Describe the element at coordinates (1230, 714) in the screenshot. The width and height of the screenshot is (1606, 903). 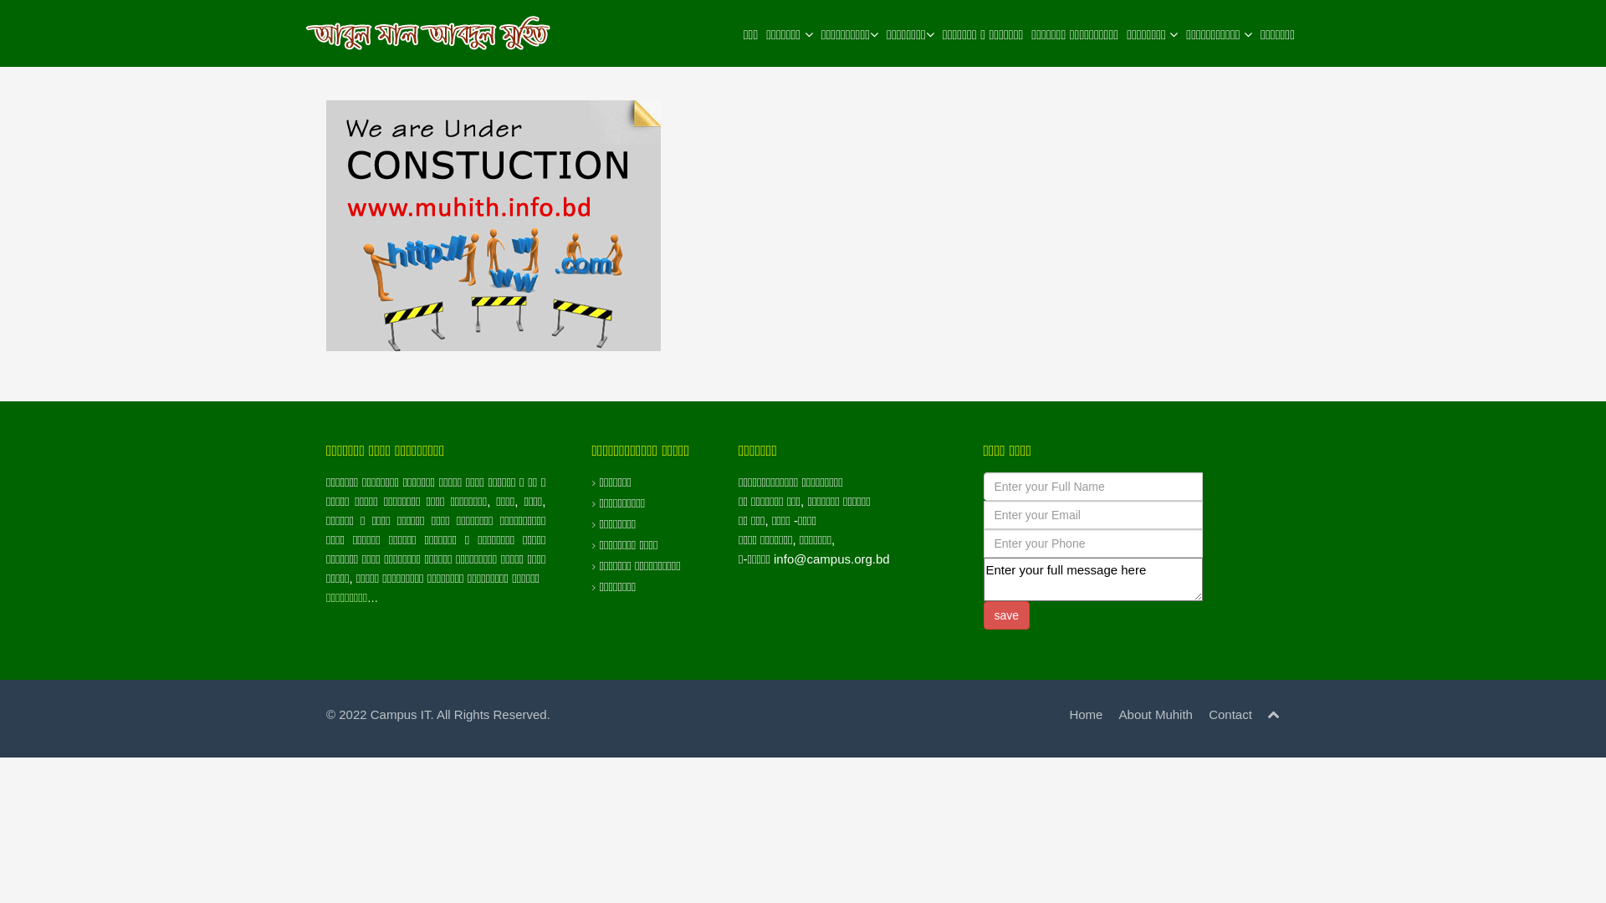
I see `'Contact'` at that location.